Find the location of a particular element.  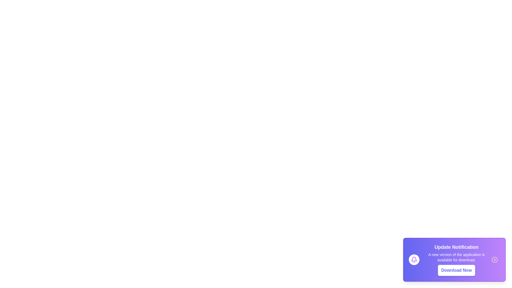

the close button (cross icon) in the notification to close it is located at coordinates (494, 259).